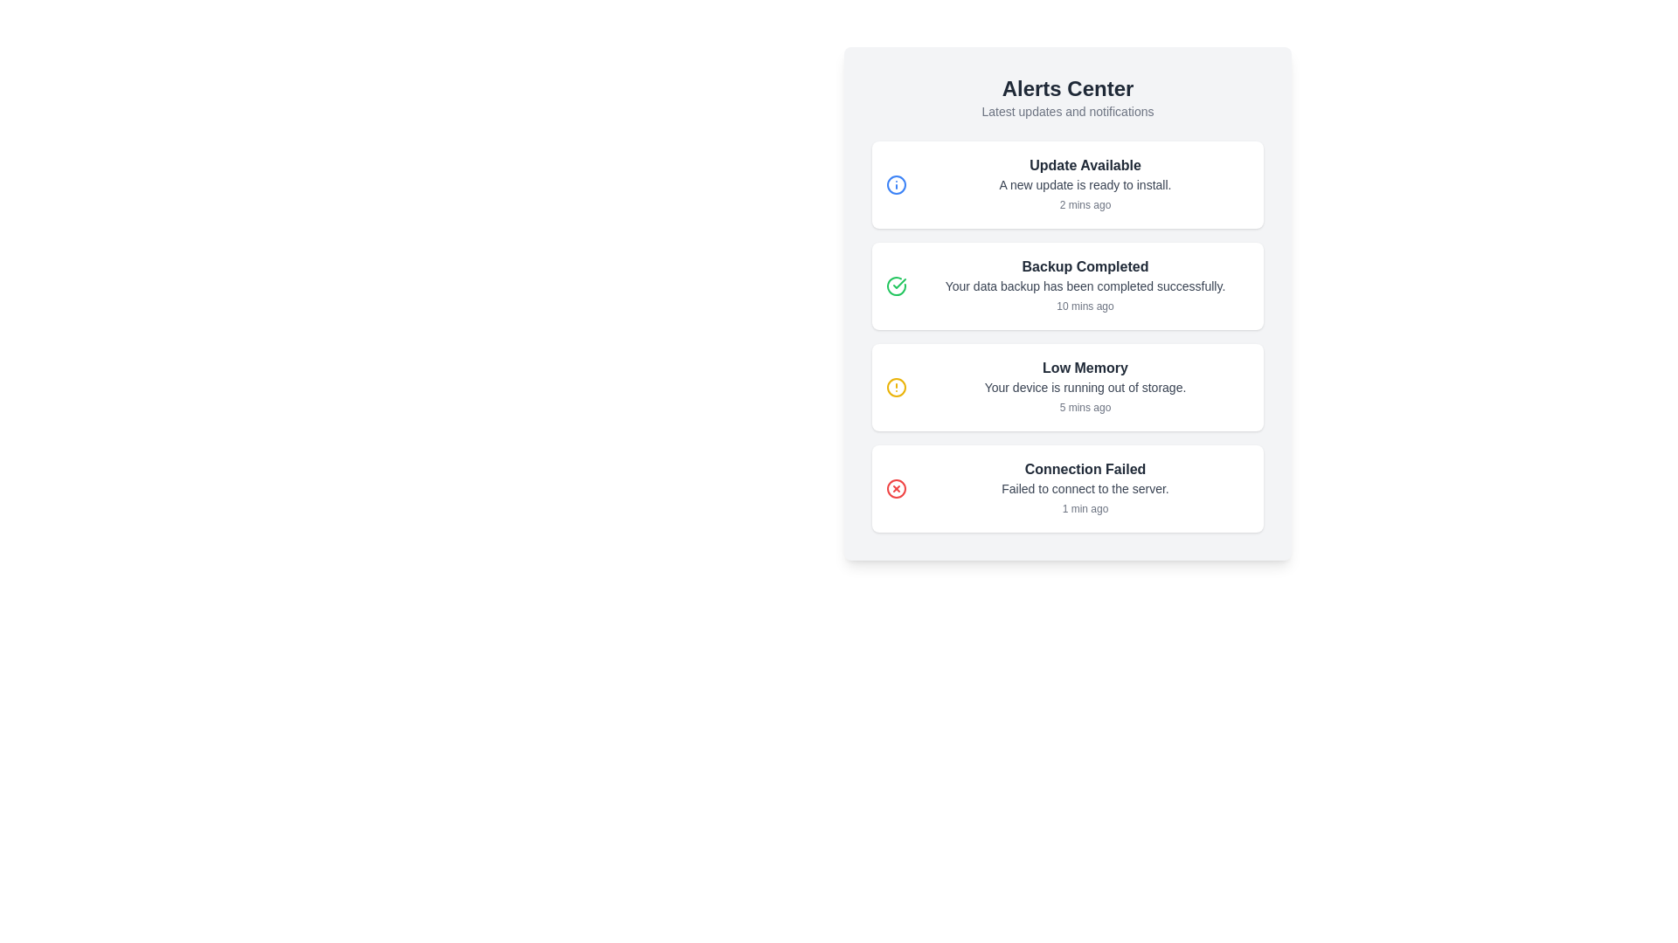 The width and height of the screenshot is (1678, 943). I want to click on the text label 'A new update is ready to install.' which is styled in a smaller font and located within a notification card underneath the title 'Update Available', so click(1085, 185).